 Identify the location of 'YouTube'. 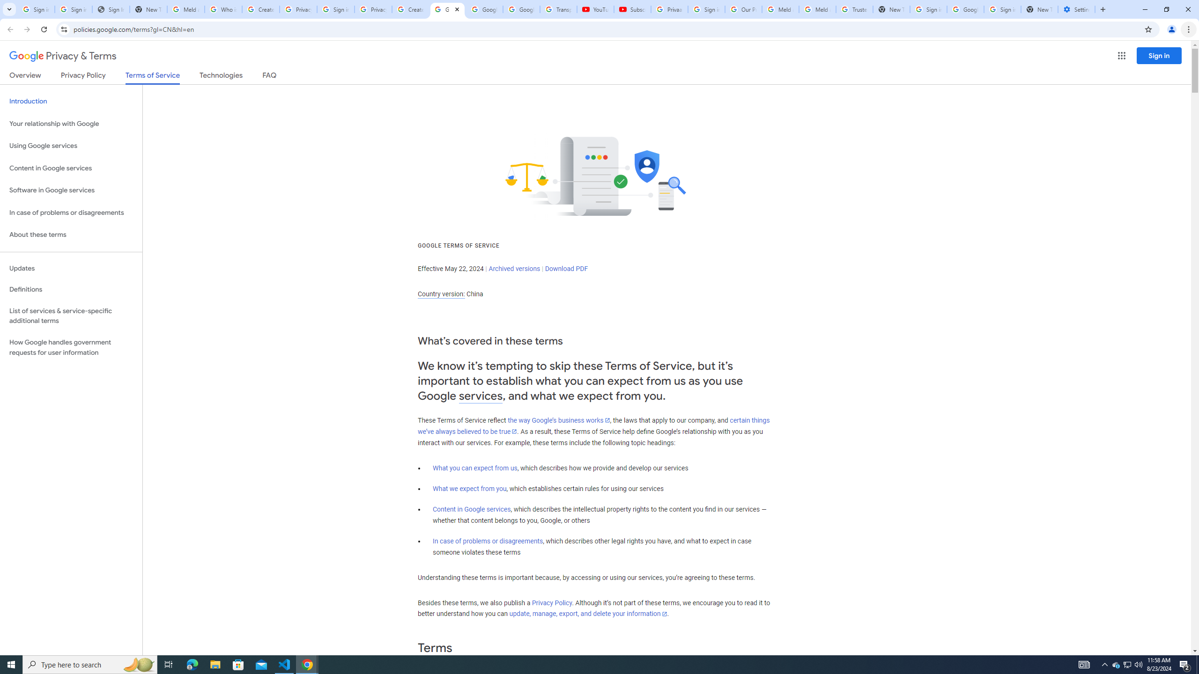
(595, 9).